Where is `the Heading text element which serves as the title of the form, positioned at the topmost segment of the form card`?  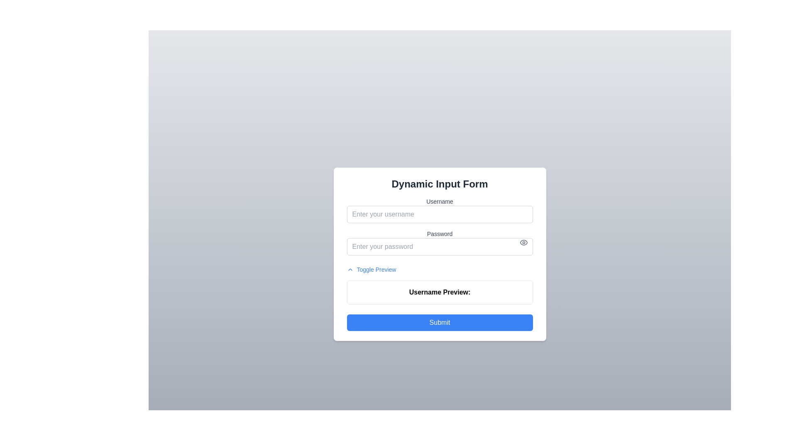 the Heading text element which serves as the title of the form, positioned at the topmost segment of the form card is located at coordinates (439, 183).